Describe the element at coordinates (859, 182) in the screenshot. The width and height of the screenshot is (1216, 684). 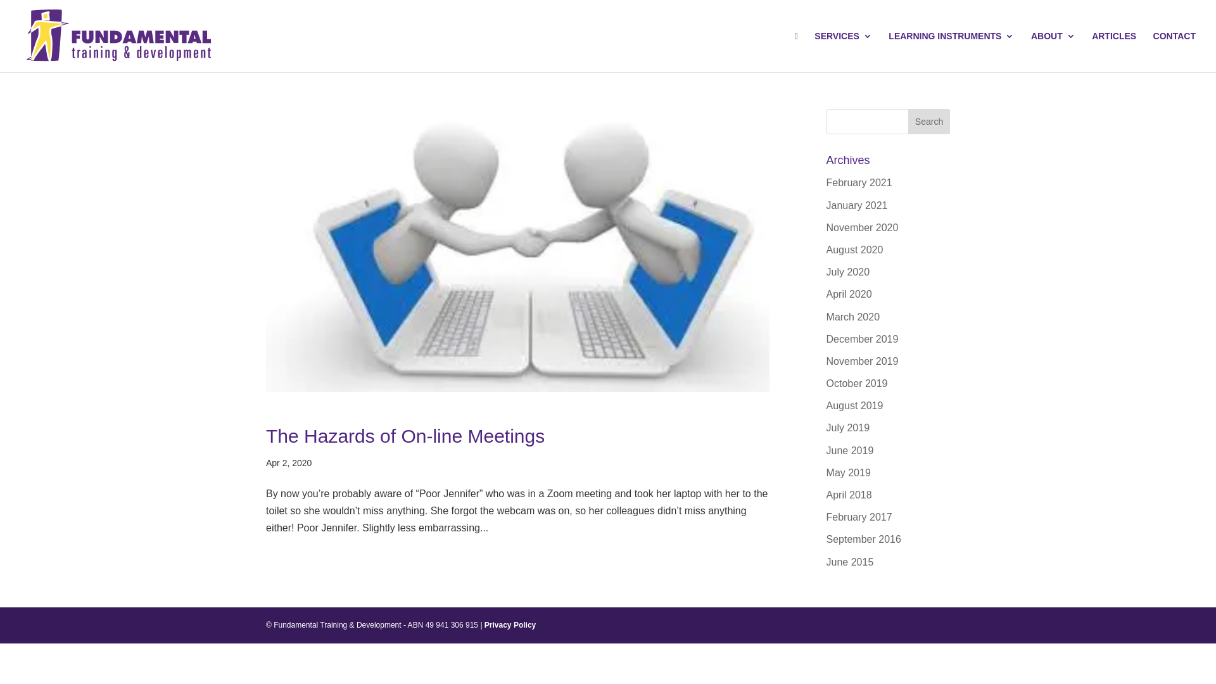
I see `'February 2021'` at that location.